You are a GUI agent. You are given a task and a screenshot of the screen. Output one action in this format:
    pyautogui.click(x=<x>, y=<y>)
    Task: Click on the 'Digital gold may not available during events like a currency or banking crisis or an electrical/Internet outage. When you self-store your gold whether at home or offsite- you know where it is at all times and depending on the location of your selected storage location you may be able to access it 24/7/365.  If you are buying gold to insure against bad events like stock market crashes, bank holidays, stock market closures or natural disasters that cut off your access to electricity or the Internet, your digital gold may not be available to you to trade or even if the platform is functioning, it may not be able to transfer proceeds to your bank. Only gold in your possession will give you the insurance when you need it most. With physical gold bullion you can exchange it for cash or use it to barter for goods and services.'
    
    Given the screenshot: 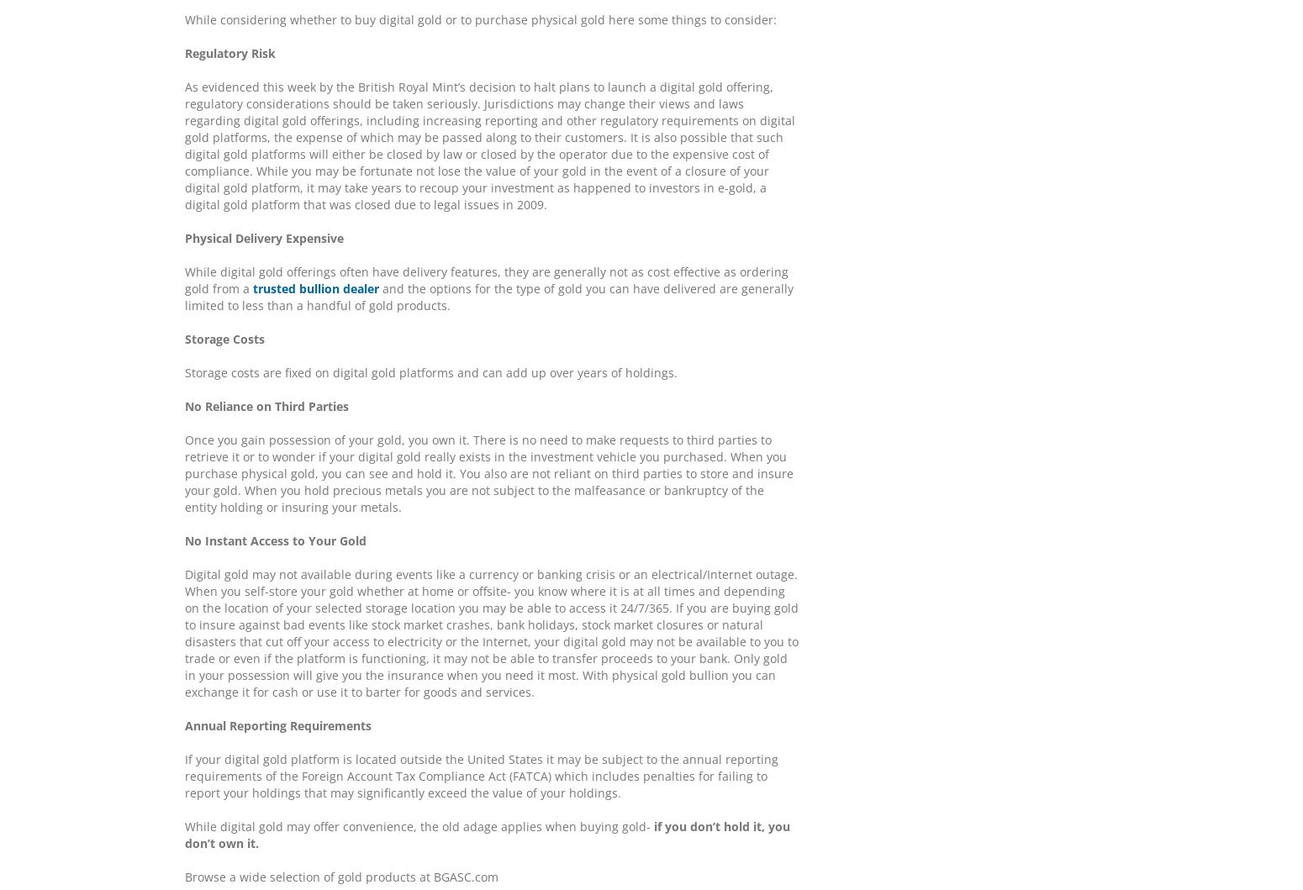 What is the action you would take?
    pyautogui.click(x=183, y=632)
    